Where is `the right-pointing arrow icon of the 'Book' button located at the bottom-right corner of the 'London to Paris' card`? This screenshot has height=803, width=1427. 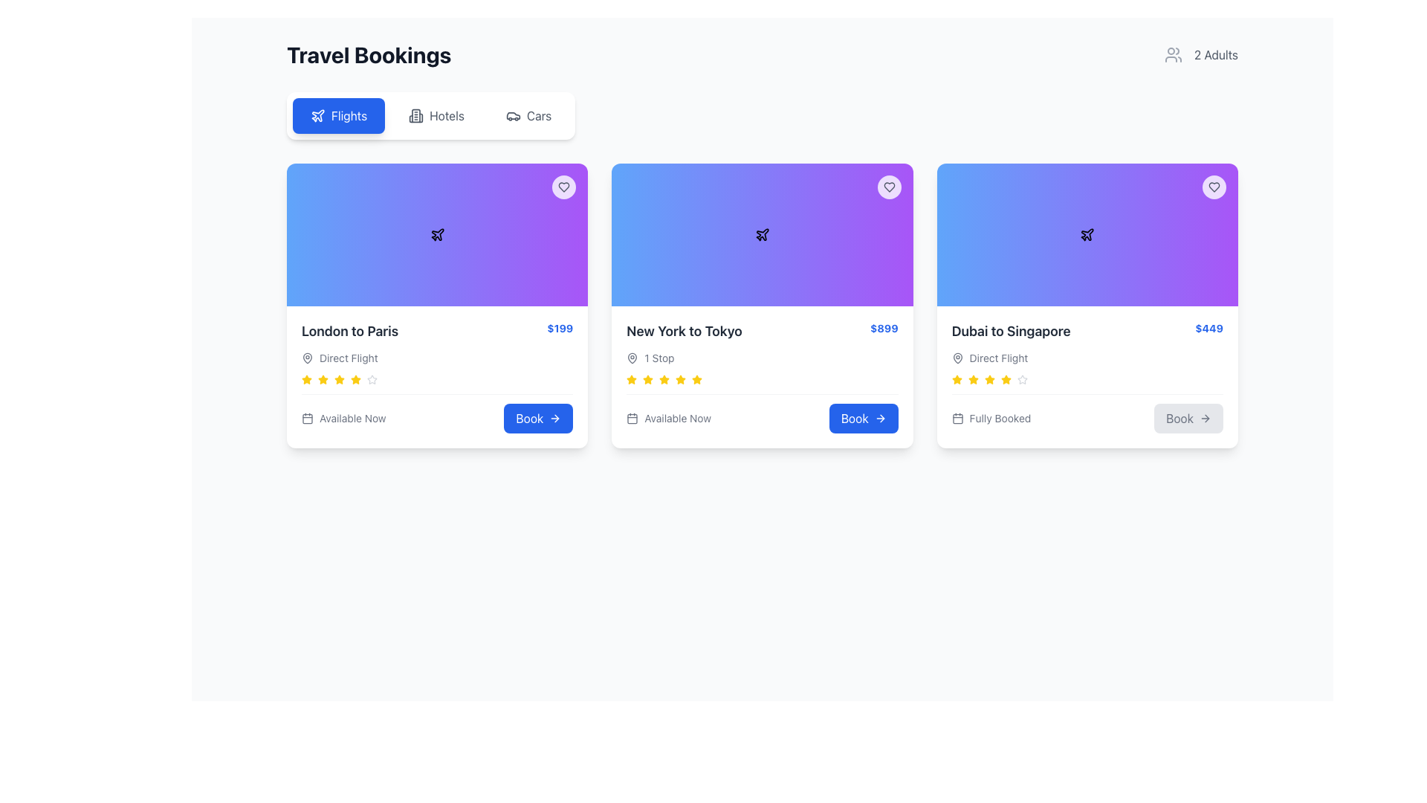 the right-pointing arrow icon of the 'Book' button located at the bottom-right corner of the 'London to Paris' card is located at coordinates (554, 419).